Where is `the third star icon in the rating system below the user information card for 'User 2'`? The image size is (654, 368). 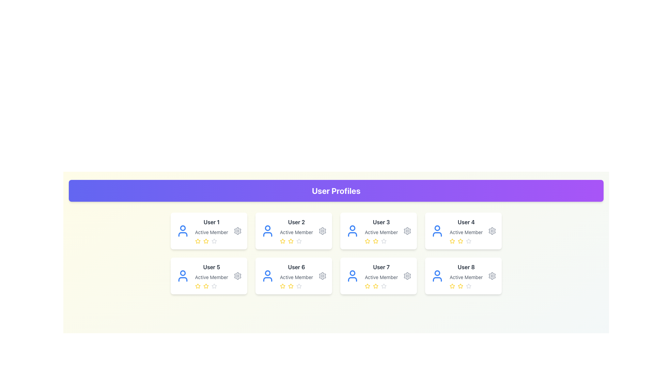
the third star icon in the rating system below the user information card for 'User 2' is located at coordinates (291, 241).